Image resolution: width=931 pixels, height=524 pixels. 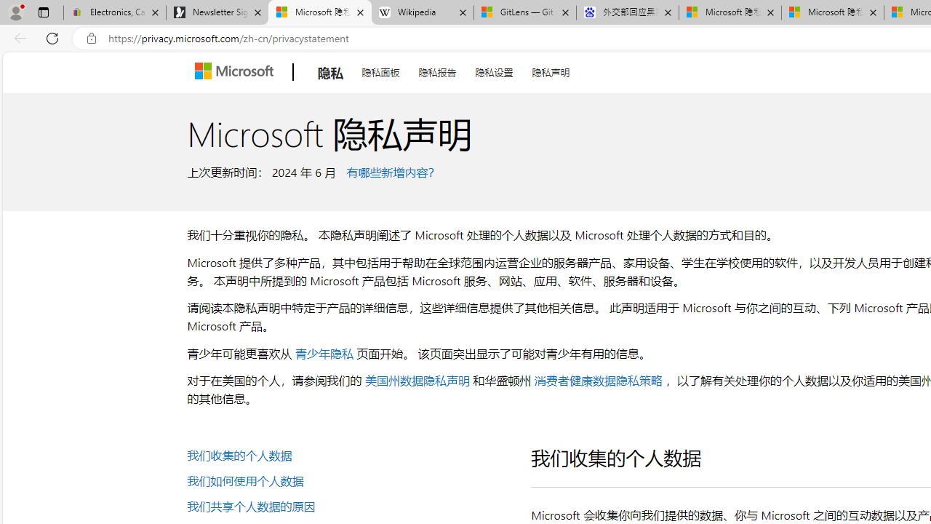 What do you see at coordinates (422, 12) in the screenshot?
I see `'Wikipedia'` at bounding box center [422, 12].